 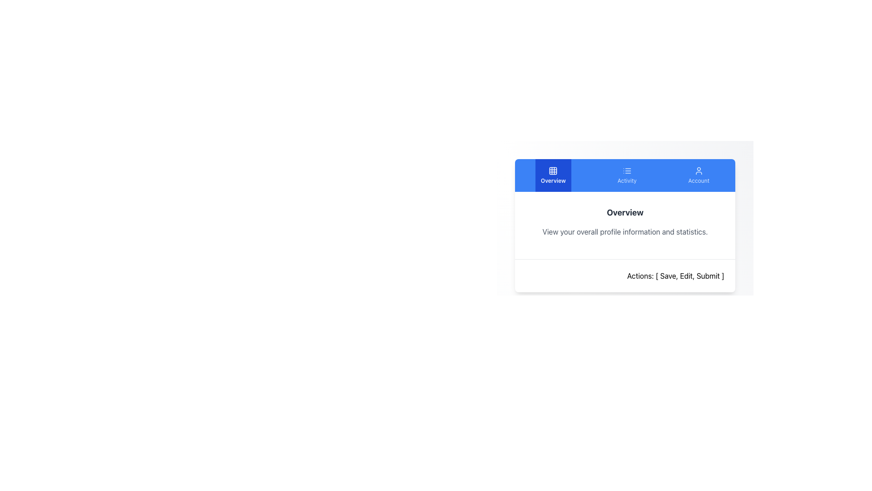 What do you see at coordinates (553, 170) in the screenshot?
I see `the grid icon with rounded corners located in the first tab labeled 'Overview' on a blue background bar` at bounding box center [553, 170].